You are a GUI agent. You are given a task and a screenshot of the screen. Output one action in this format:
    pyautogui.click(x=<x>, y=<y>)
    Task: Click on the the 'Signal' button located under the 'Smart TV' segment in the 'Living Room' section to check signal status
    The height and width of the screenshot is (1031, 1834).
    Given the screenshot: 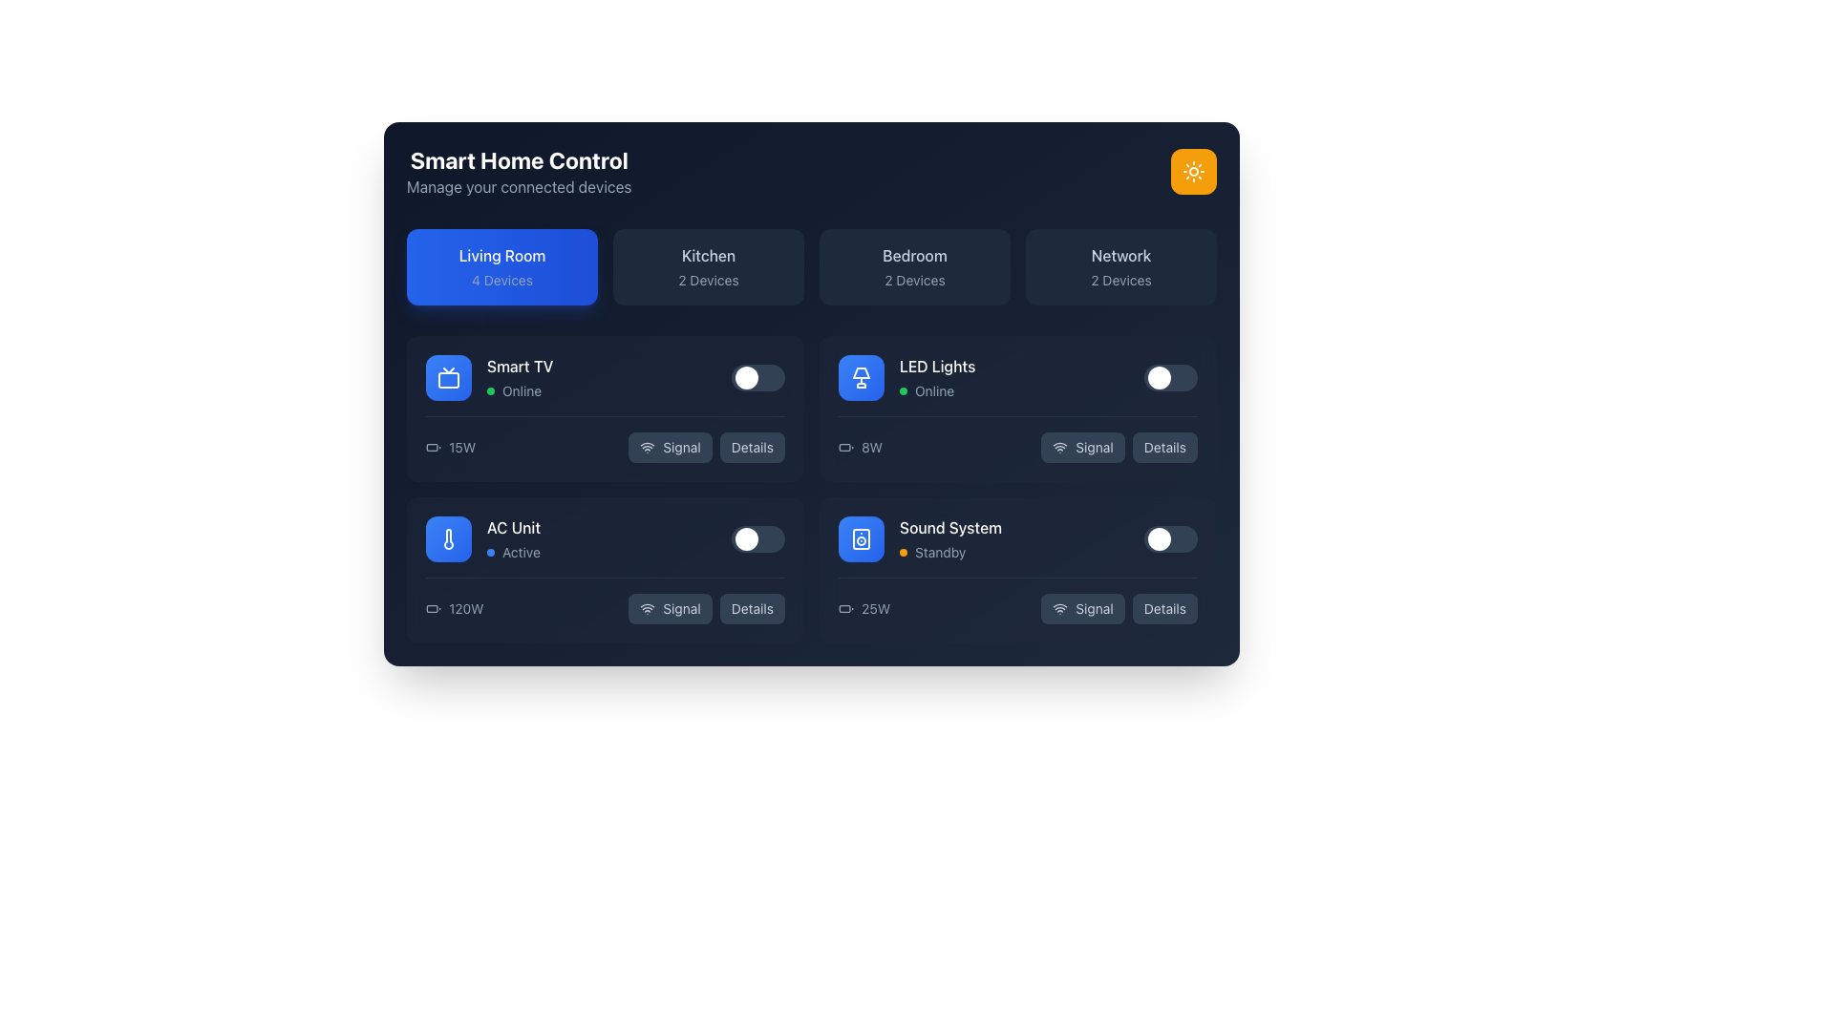 What is the action you would take?
    pyautogui.click(x=604, y=448)
    